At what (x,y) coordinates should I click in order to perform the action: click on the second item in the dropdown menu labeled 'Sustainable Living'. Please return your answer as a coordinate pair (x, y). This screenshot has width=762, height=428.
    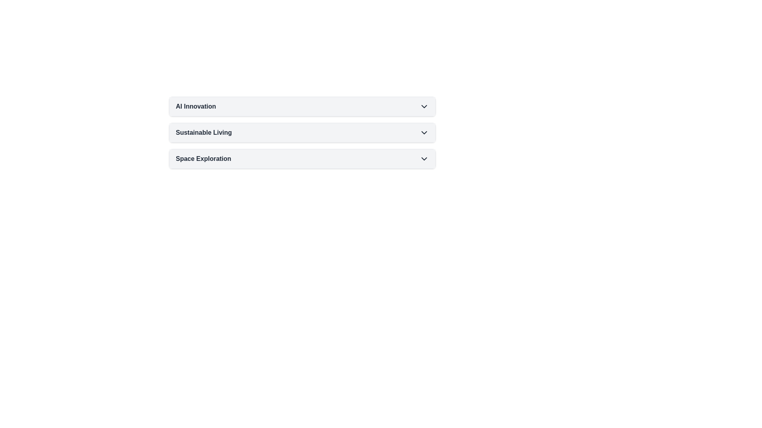
    Looking at the image, I should click on (302, 132).